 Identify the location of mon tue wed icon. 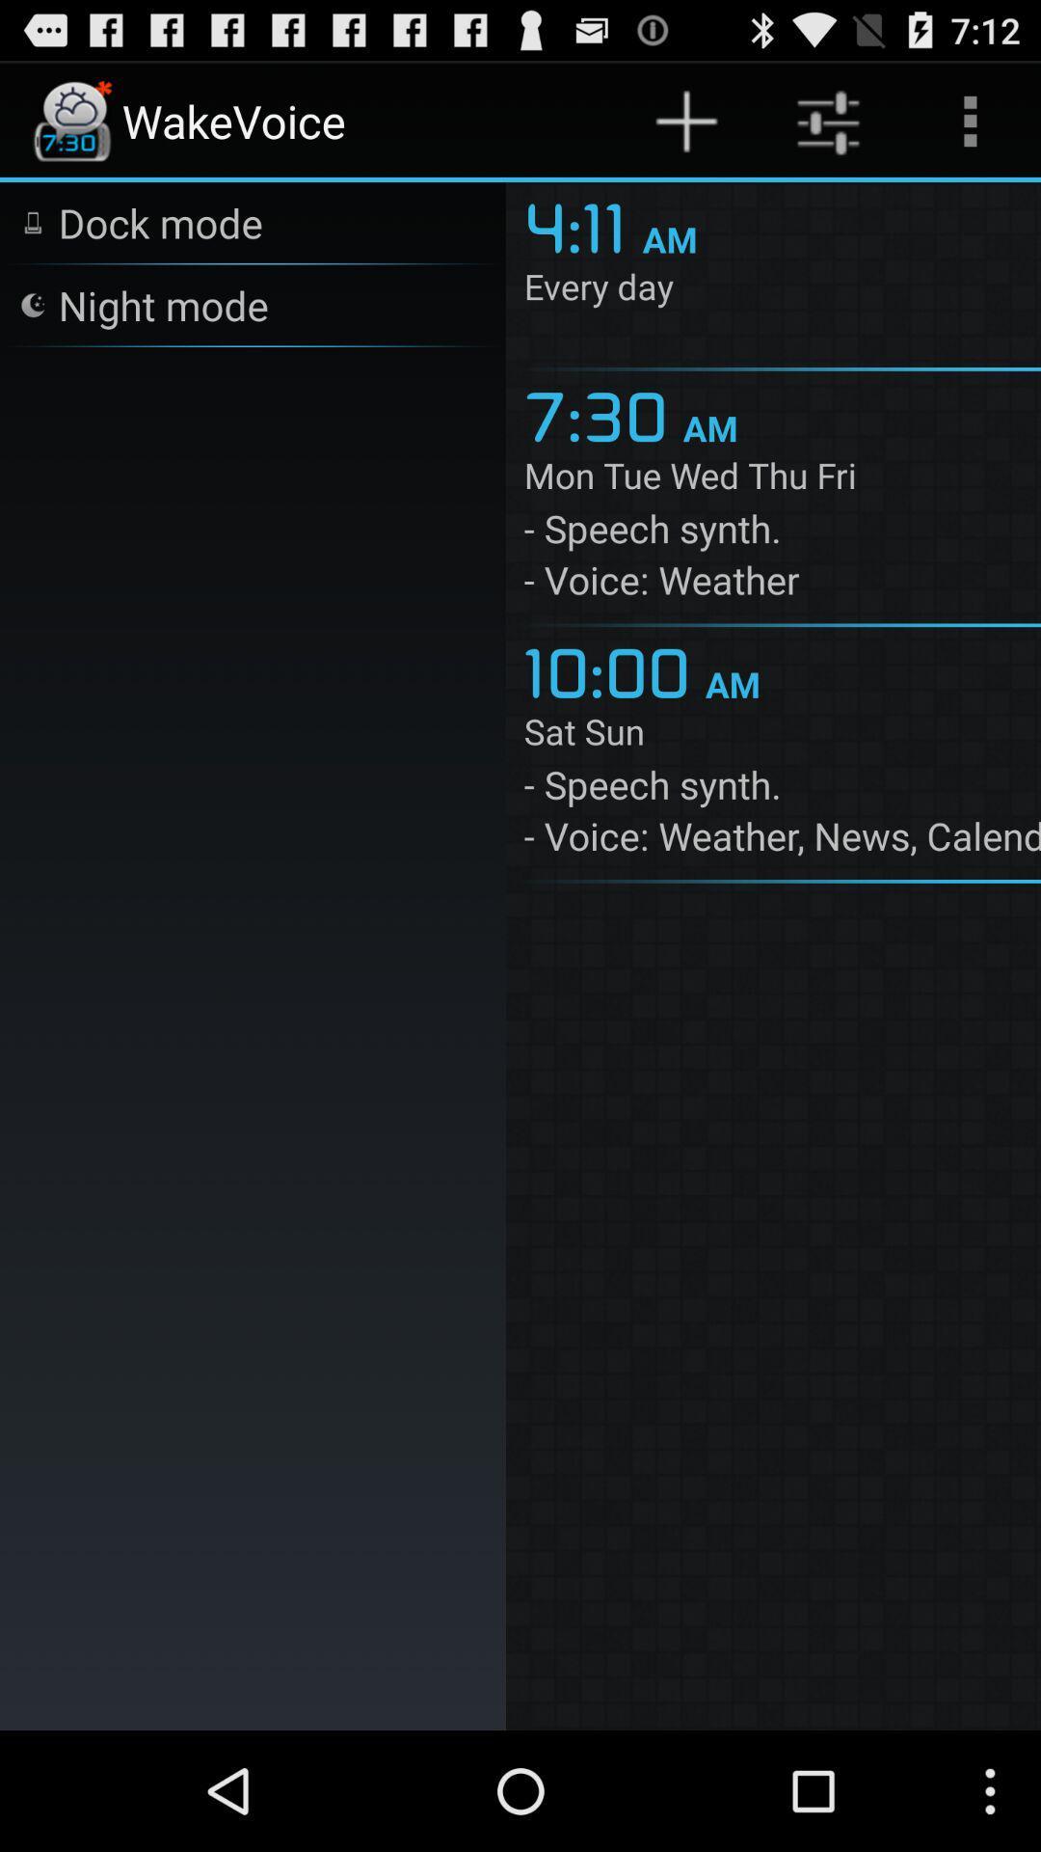
(782, 479).